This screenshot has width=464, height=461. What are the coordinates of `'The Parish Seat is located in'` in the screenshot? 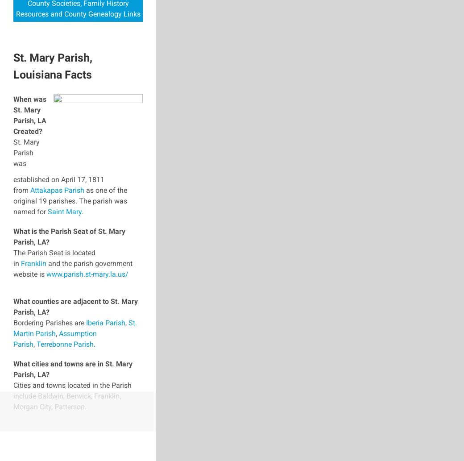 It's located at (54, 257).